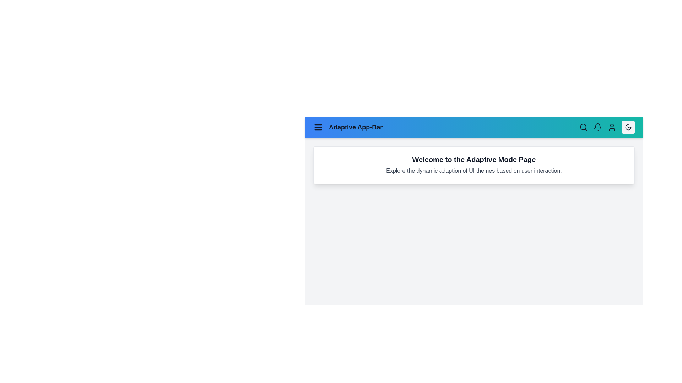 Image resolution: width=682 pixels, height=383 pixels. I want to click on the menu icon to trigger the menu functionality, so click(318, 127).